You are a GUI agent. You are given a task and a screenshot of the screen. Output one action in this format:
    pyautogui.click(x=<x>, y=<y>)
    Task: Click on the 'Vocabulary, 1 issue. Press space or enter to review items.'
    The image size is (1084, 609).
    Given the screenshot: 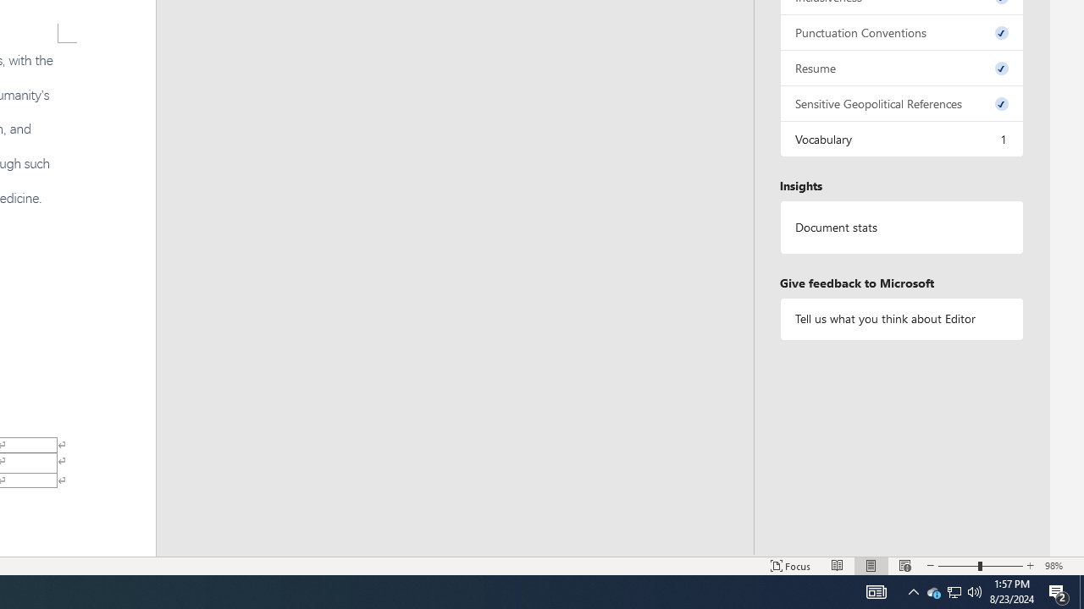 What is the action you would take?
    pyautogui.click(x=900, y=138)
    